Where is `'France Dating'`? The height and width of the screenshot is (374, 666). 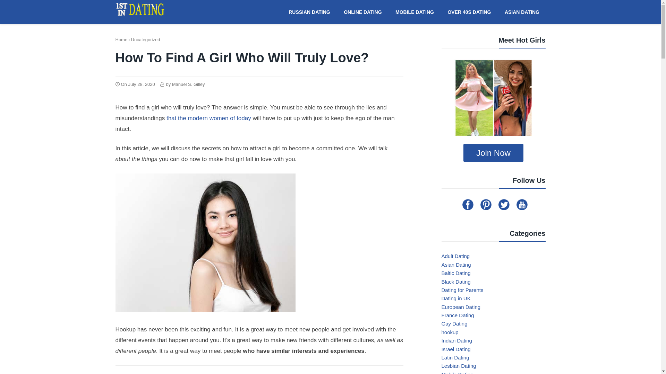
'France Dating' is located at coordinates (458, 315).